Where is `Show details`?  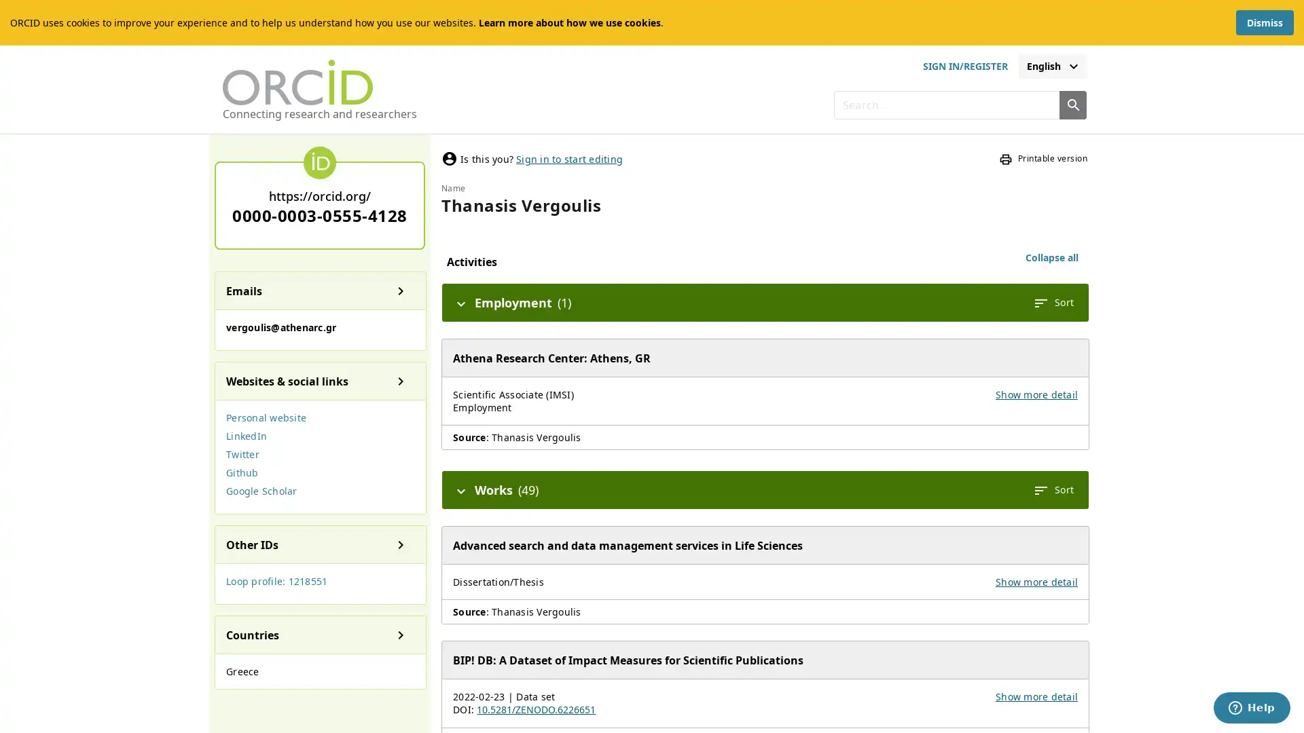 Show details is located at coordinates (400, 290).